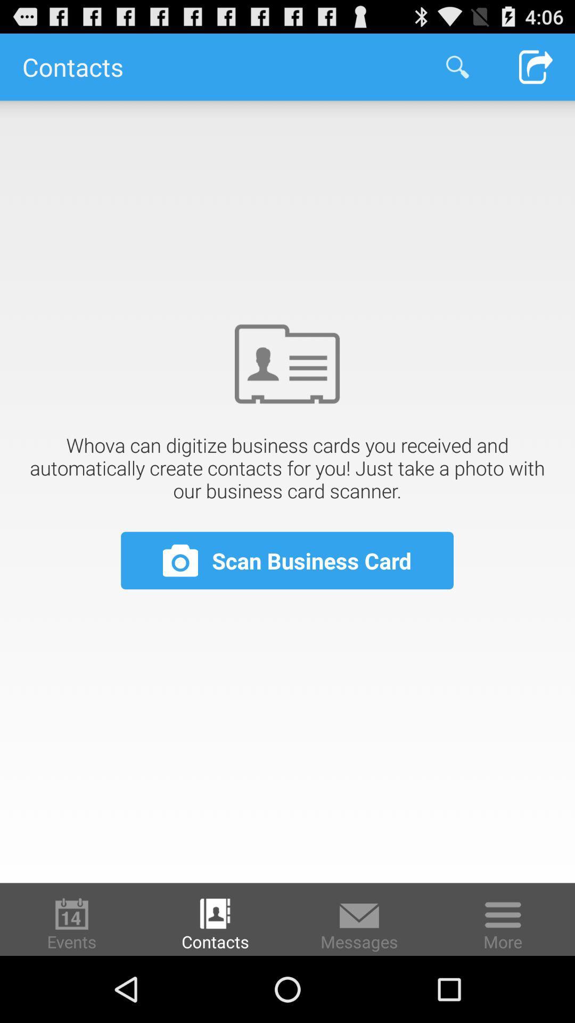  Describe the element at coordinates (457, 66) in the screenshot. I see `the item above the whova can digitize item` at that location.